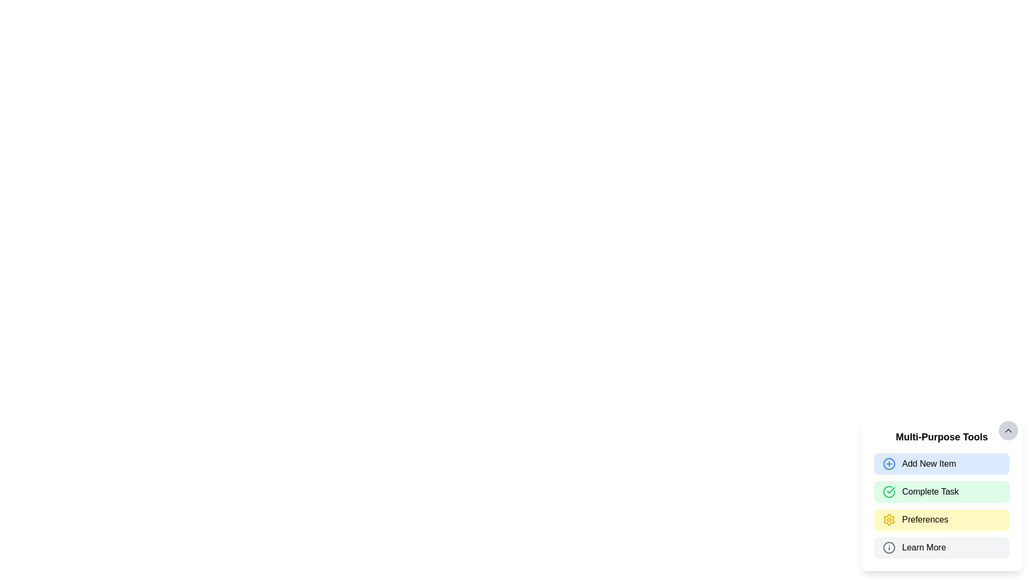 The width and height of the screenshot is (1031, 580). I want to click on the button to mark a specific task as completed, located below the 'Add New Item' button and above the 'Preferences' button in the 'Multi-Purpose Tools' card, so click(941, 505).